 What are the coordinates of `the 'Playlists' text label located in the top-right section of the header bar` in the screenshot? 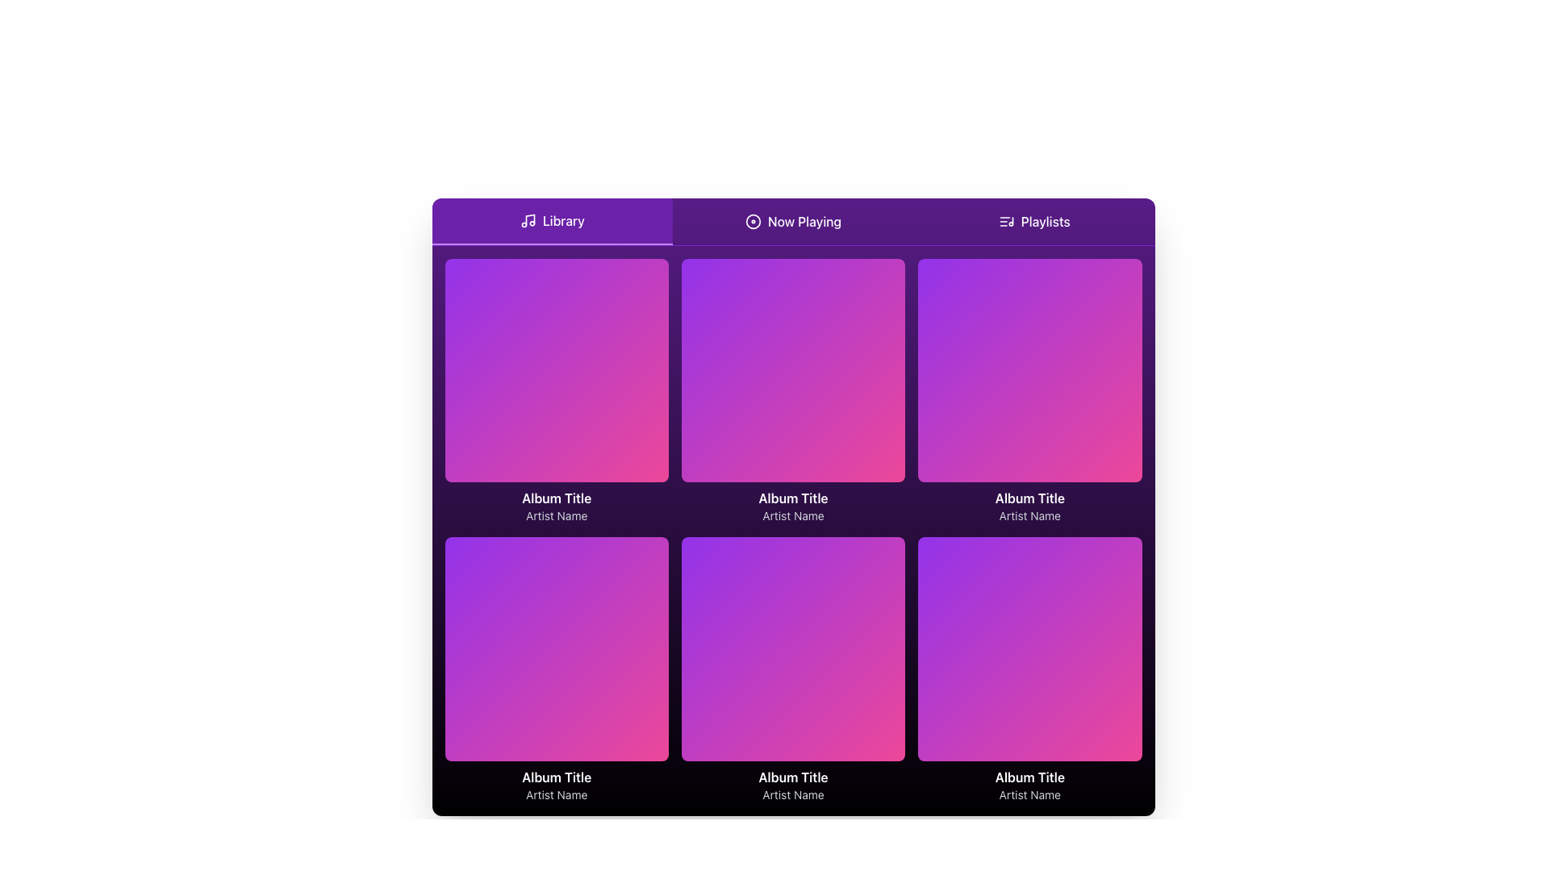 It's located at (1046, 221).